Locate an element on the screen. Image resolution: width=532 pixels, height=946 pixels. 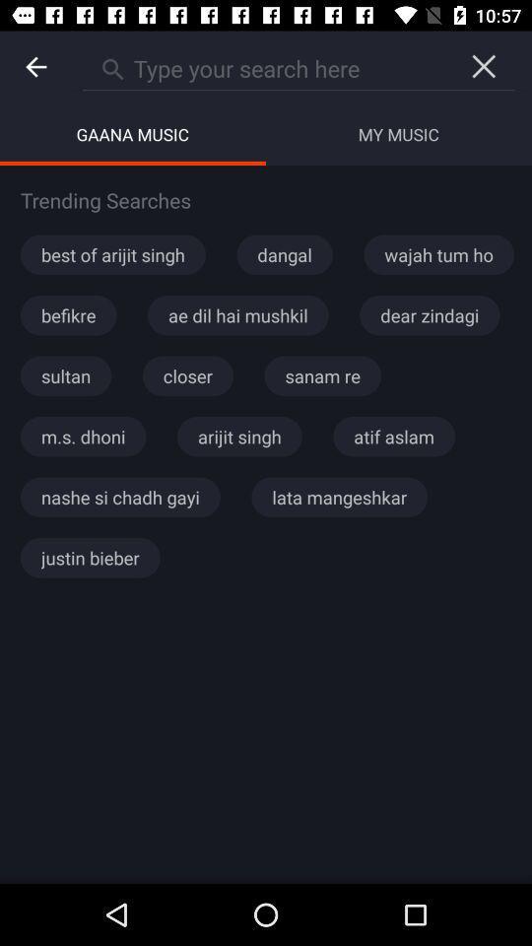
item next to the sanam re icon is located at coordinates (187, 374).